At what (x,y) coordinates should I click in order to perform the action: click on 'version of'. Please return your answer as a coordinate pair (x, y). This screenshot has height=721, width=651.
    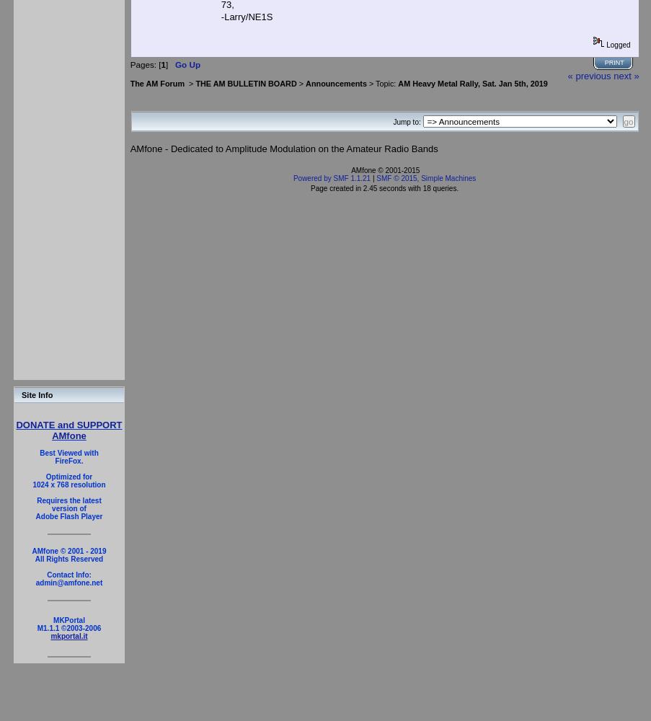
    Looking at the image, I should click on (68, 508).